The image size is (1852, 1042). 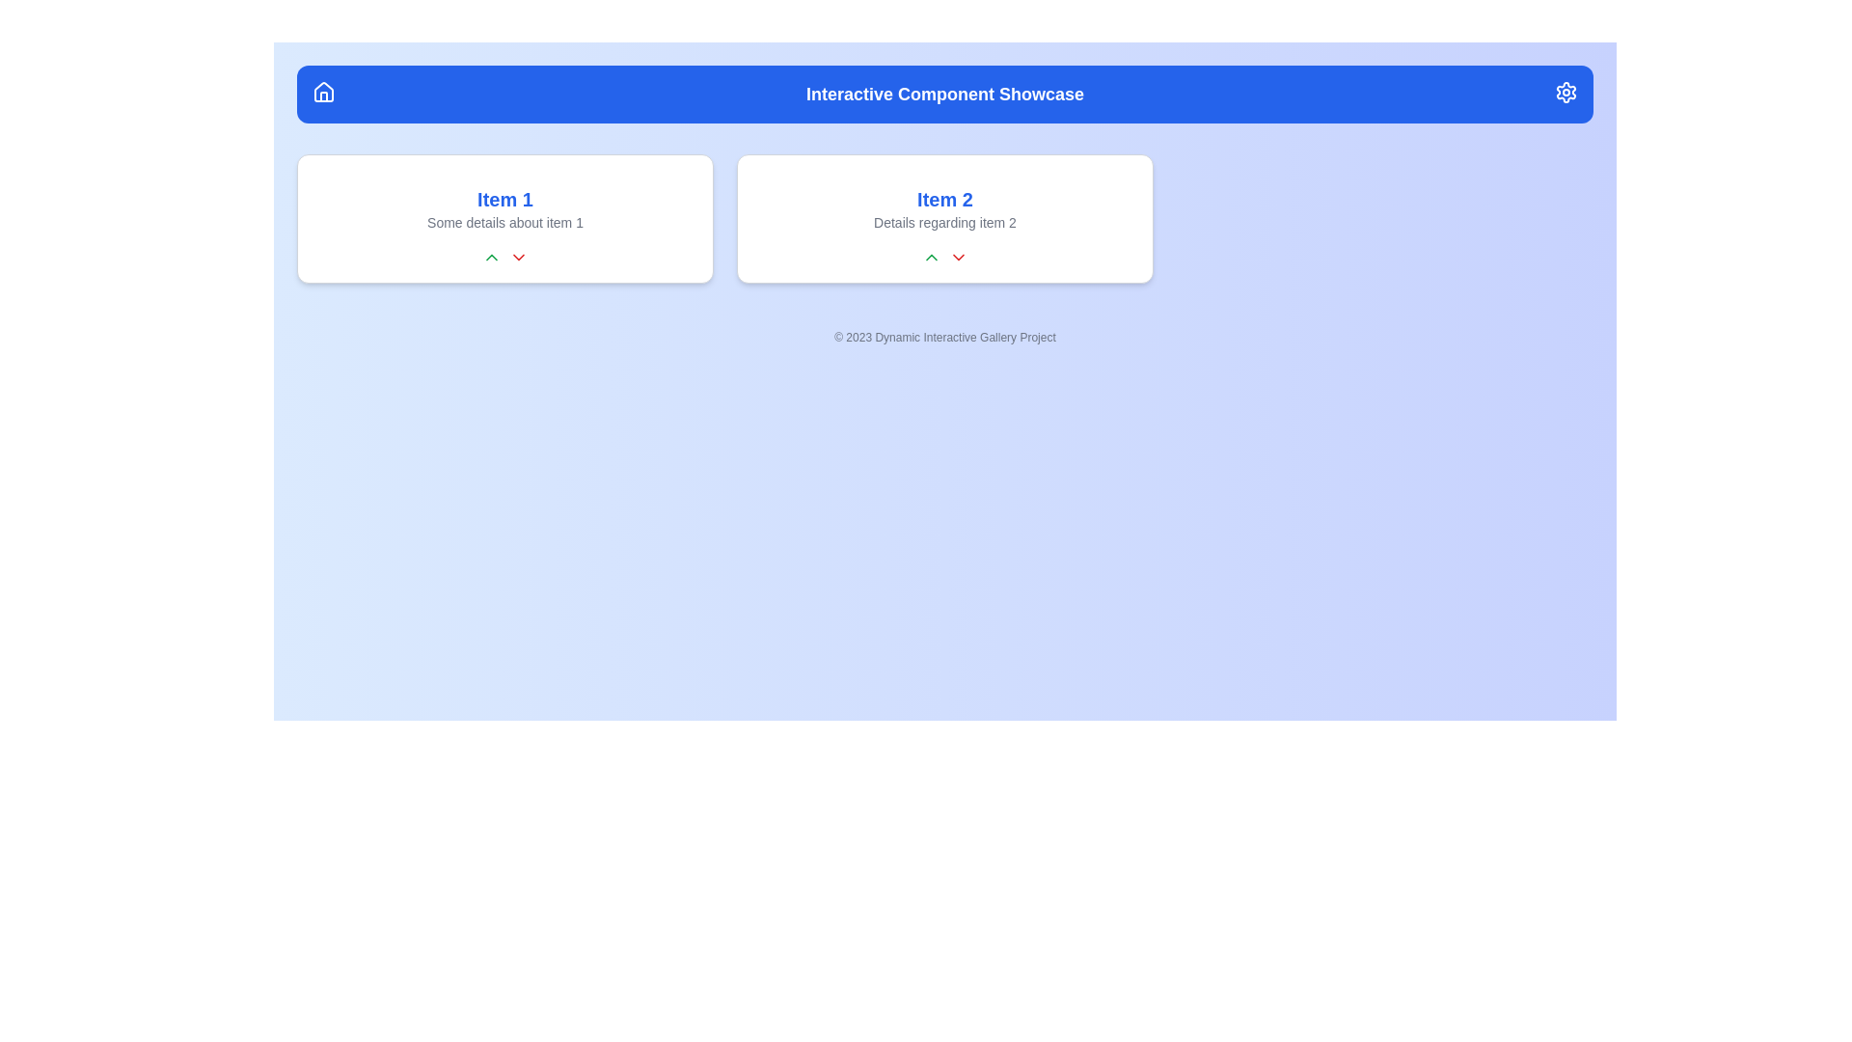 What do you see at coordinates (1566, 93) in the screenshot?
I see `the settings cogwheel icon located at the far-right corner of the top blue bar` at bounding box center [1566, 93].